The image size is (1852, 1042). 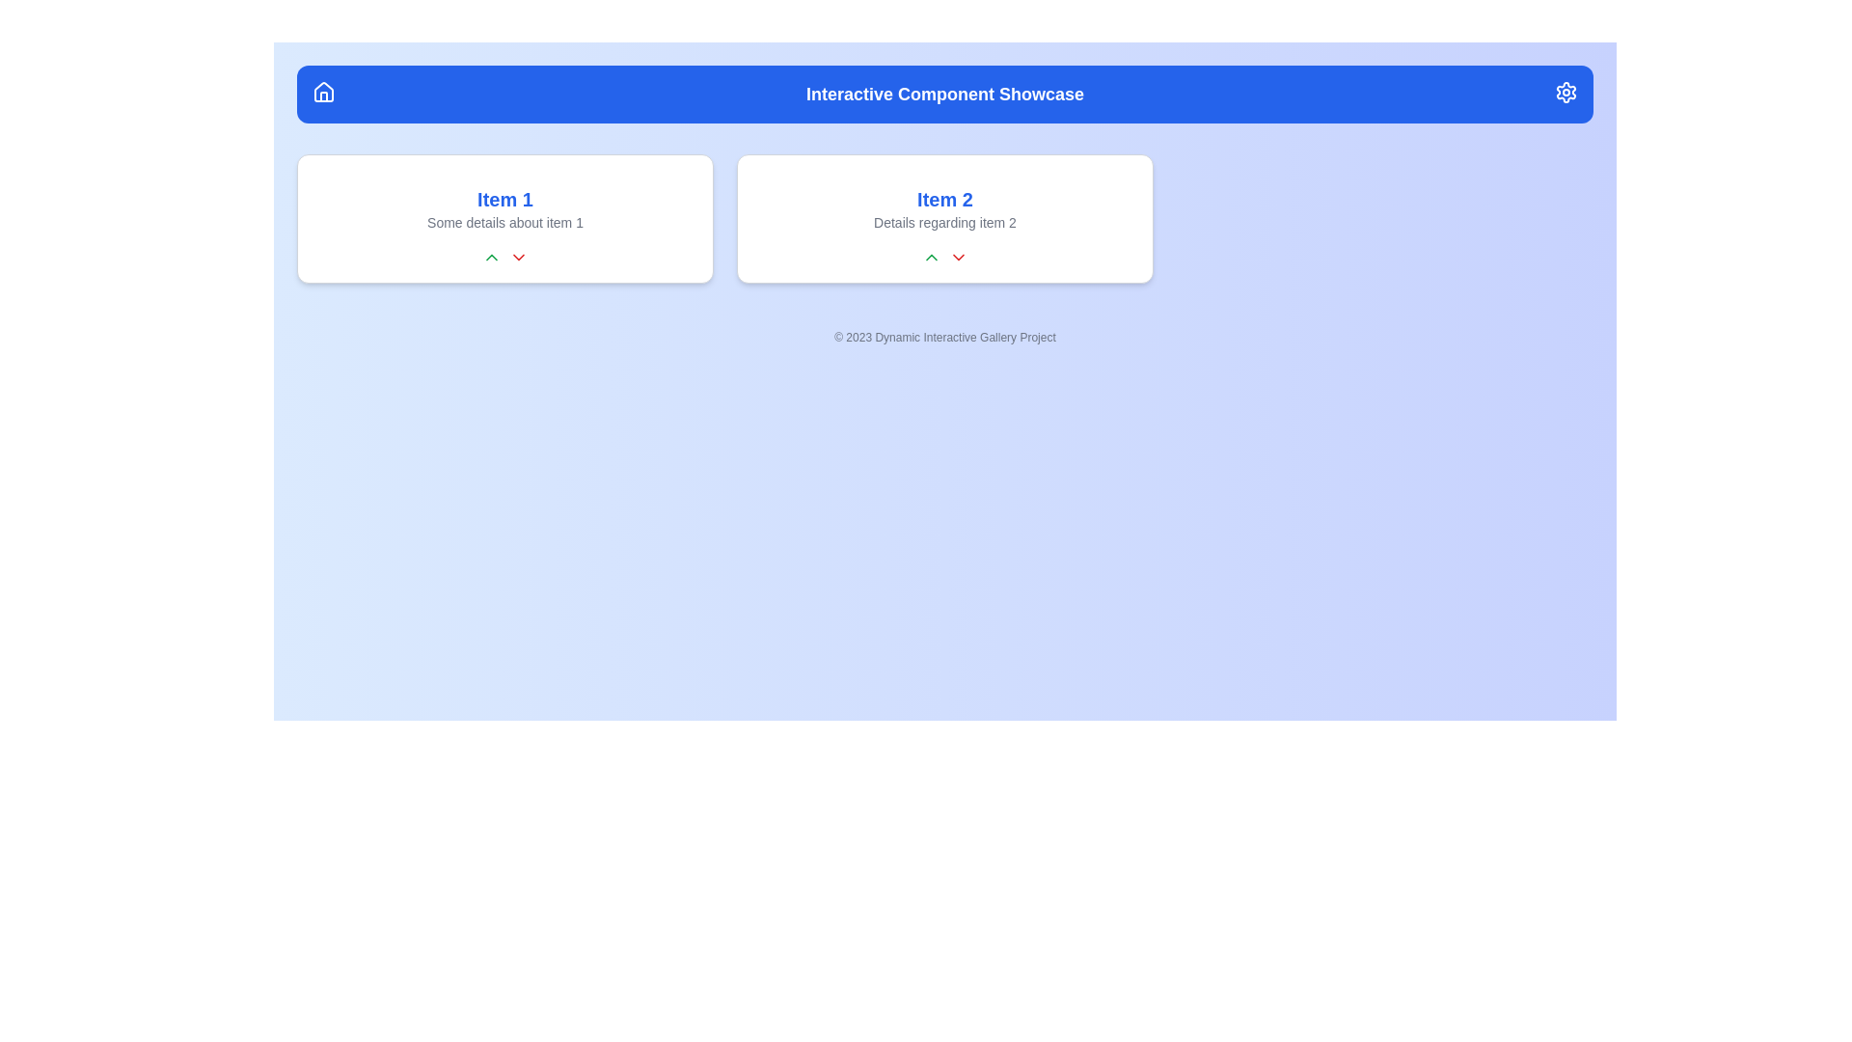 What do you see at coordinates (1566, 93) in the screenshot?
I see `the settings cogwheel icon located at the far-right corner of the top blue bar` at bounding box center [1566, 93].